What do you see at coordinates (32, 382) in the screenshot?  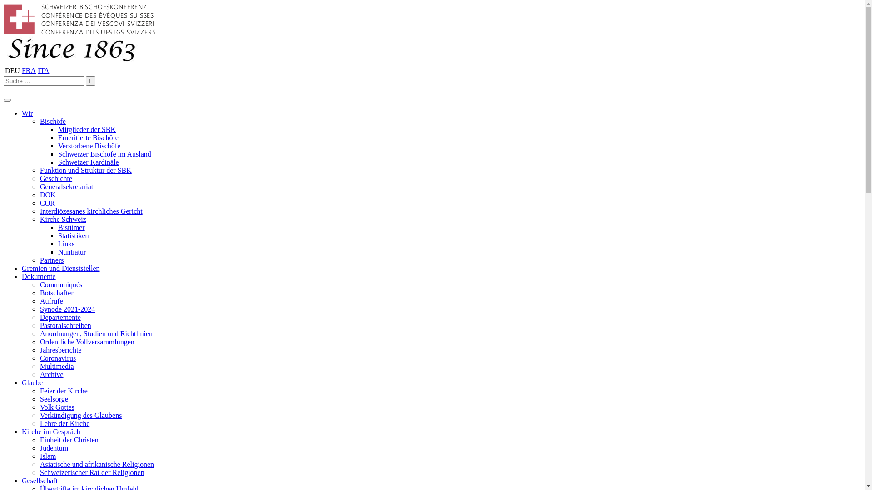 I see `'Glaube'` at bounding box center [32, 382].